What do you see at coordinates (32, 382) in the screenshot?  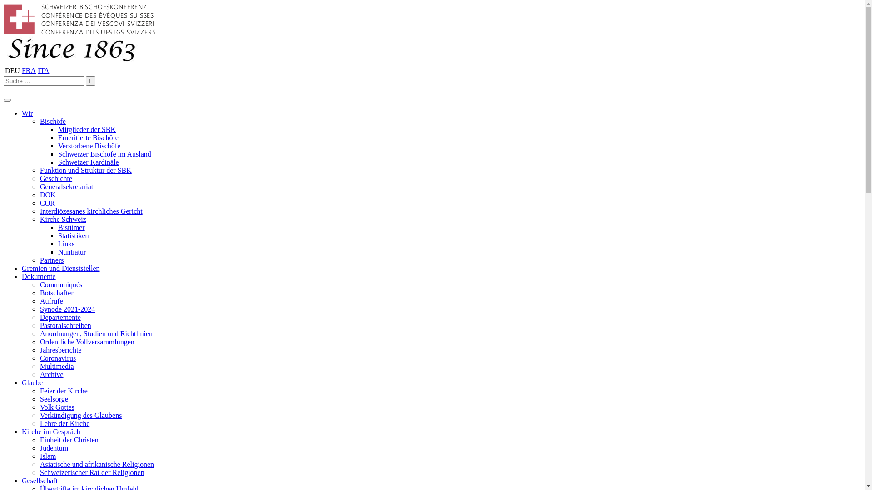 I see `'Glaube'` at bounding box center [32, 382].